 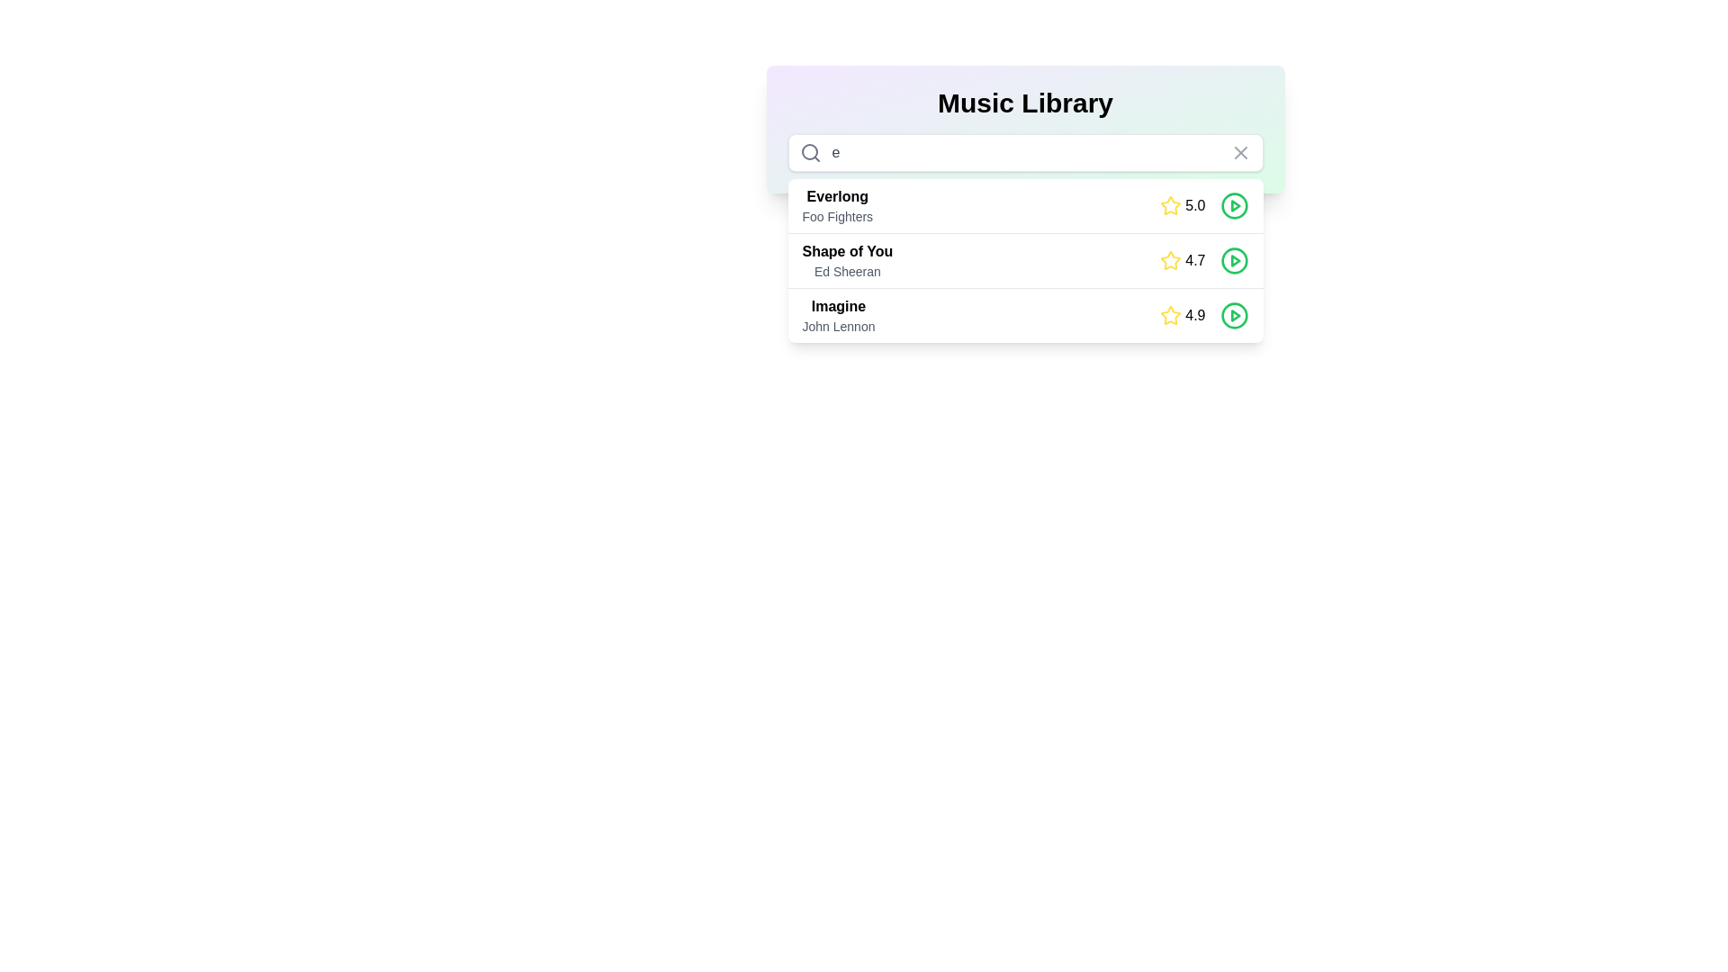 What do you see at coordinates (1233, 315) in the screenshot?
I see `the play button located at the far-right of the row for the song 'Imagine' with a rating of 4.9, aligned to the right of the yellow star rating icon to play the song` at bounding box center [1233, 315].